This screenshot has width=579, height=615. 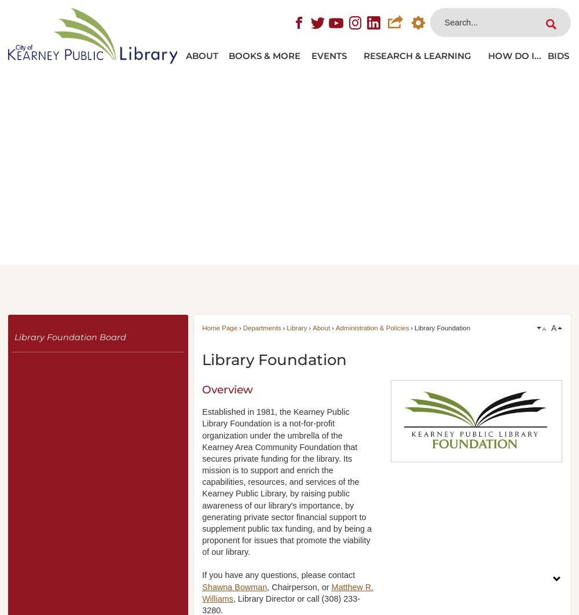 I want to click on 'Research & Learning', so click(x=368, y=54).